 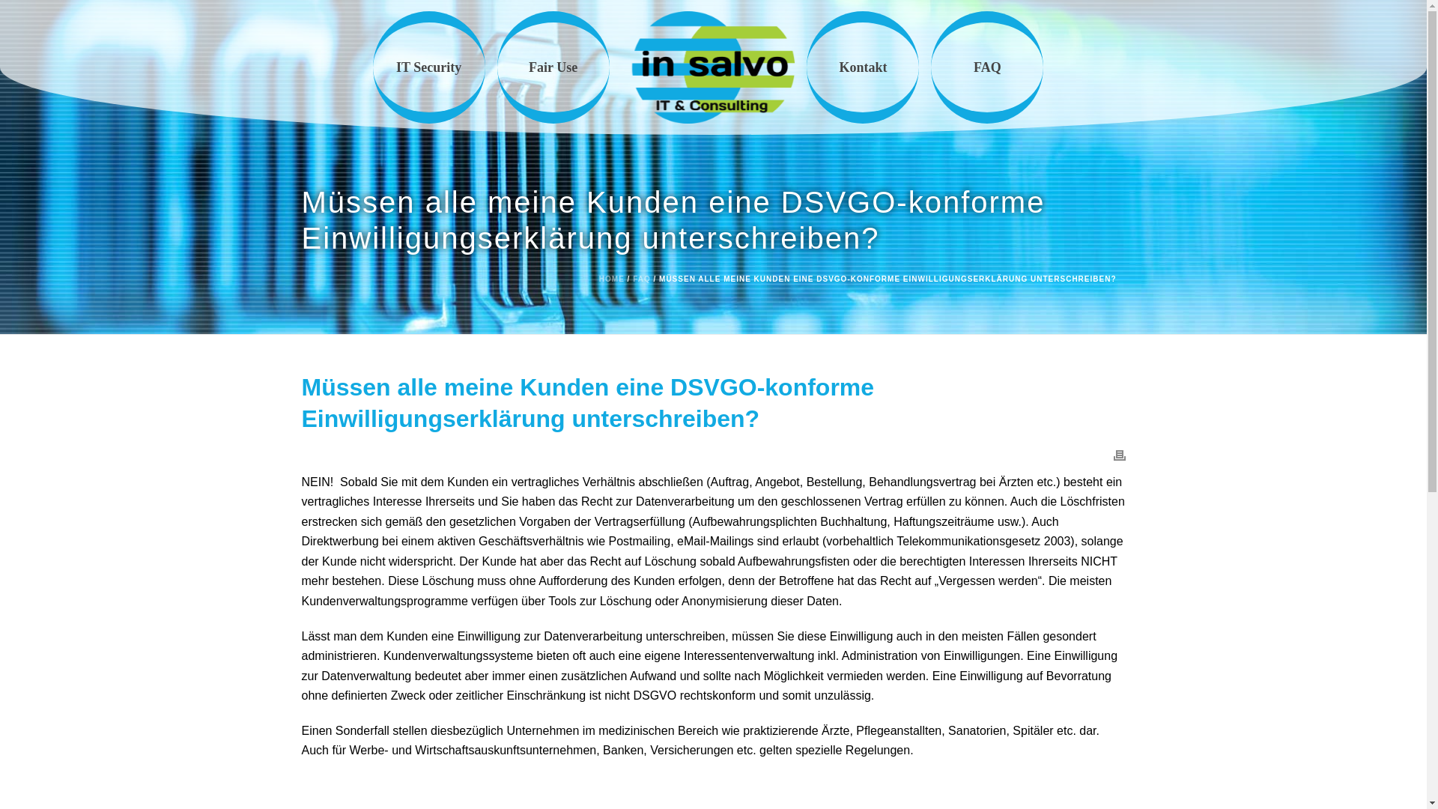 I want to click on 'Kontakt', so click(x=863, y=66).